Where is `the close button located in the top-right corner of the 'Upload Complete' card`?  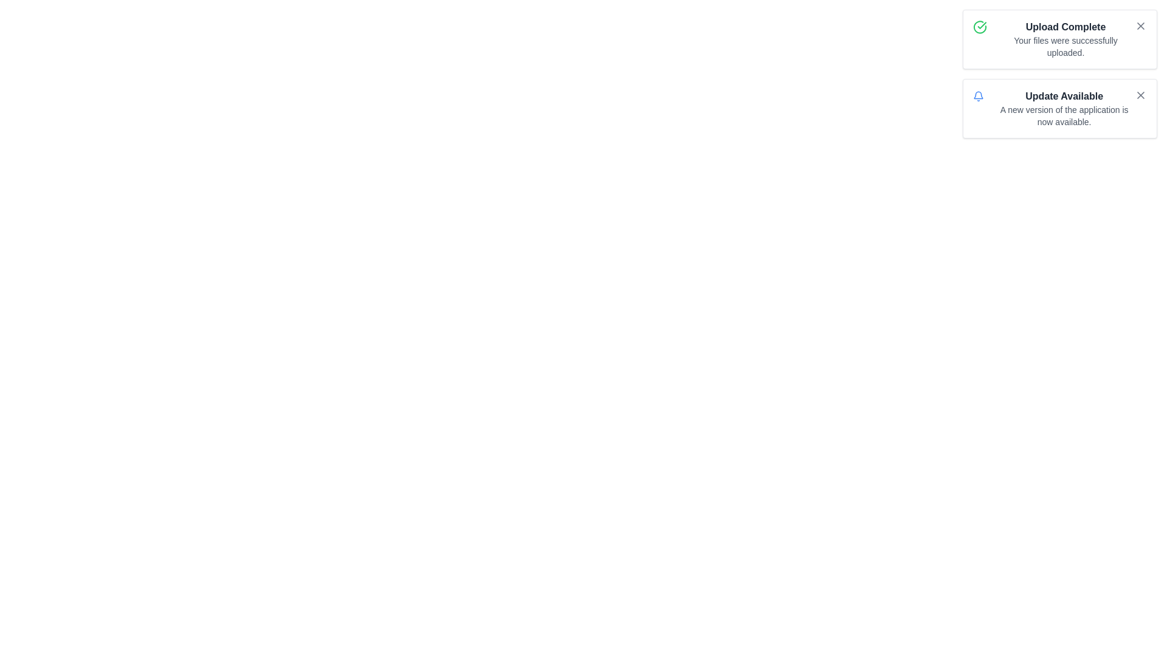 the close button located in the top-right corner of the 'Upload Complete' card is located at coordinates (1140, 26).